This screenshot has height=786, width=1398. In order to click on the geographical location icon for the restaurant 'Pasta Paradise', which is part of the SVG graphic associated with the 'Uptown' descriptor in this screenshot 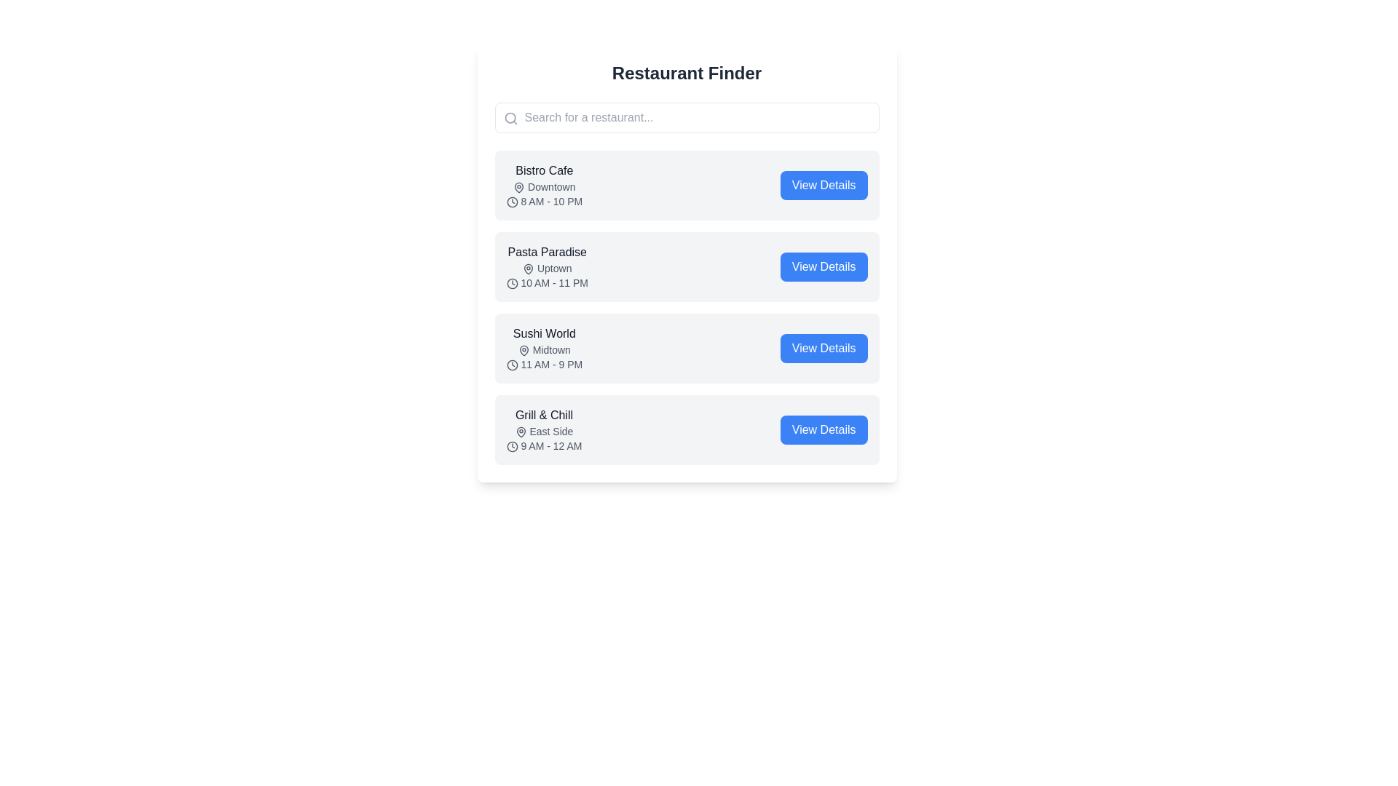, I will do `click(528, 269)`.